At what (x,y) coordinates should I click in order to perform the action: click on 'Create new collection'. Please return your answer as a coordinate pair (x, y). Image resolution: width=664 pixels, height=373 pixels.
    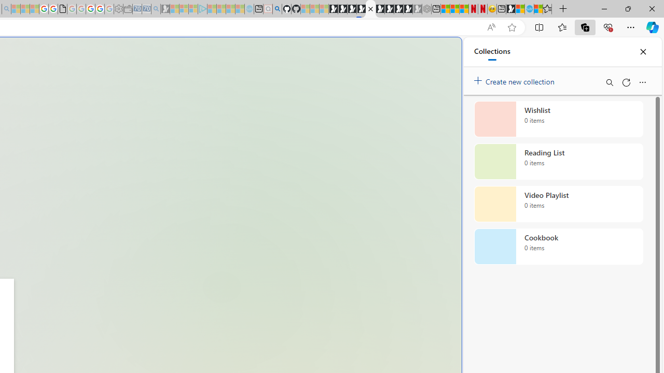
    Looking at the image, I should click on (516, 79).